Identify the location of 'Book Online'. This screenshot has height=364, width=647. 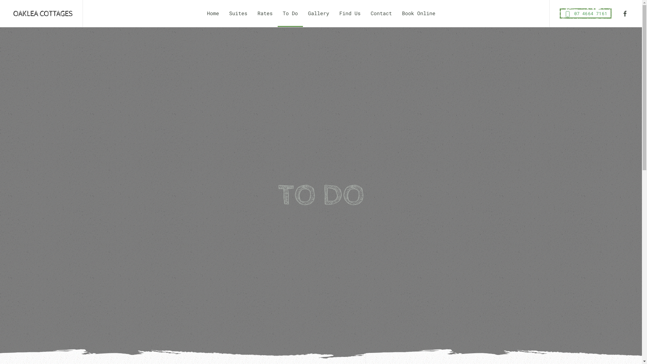
(397, 13).